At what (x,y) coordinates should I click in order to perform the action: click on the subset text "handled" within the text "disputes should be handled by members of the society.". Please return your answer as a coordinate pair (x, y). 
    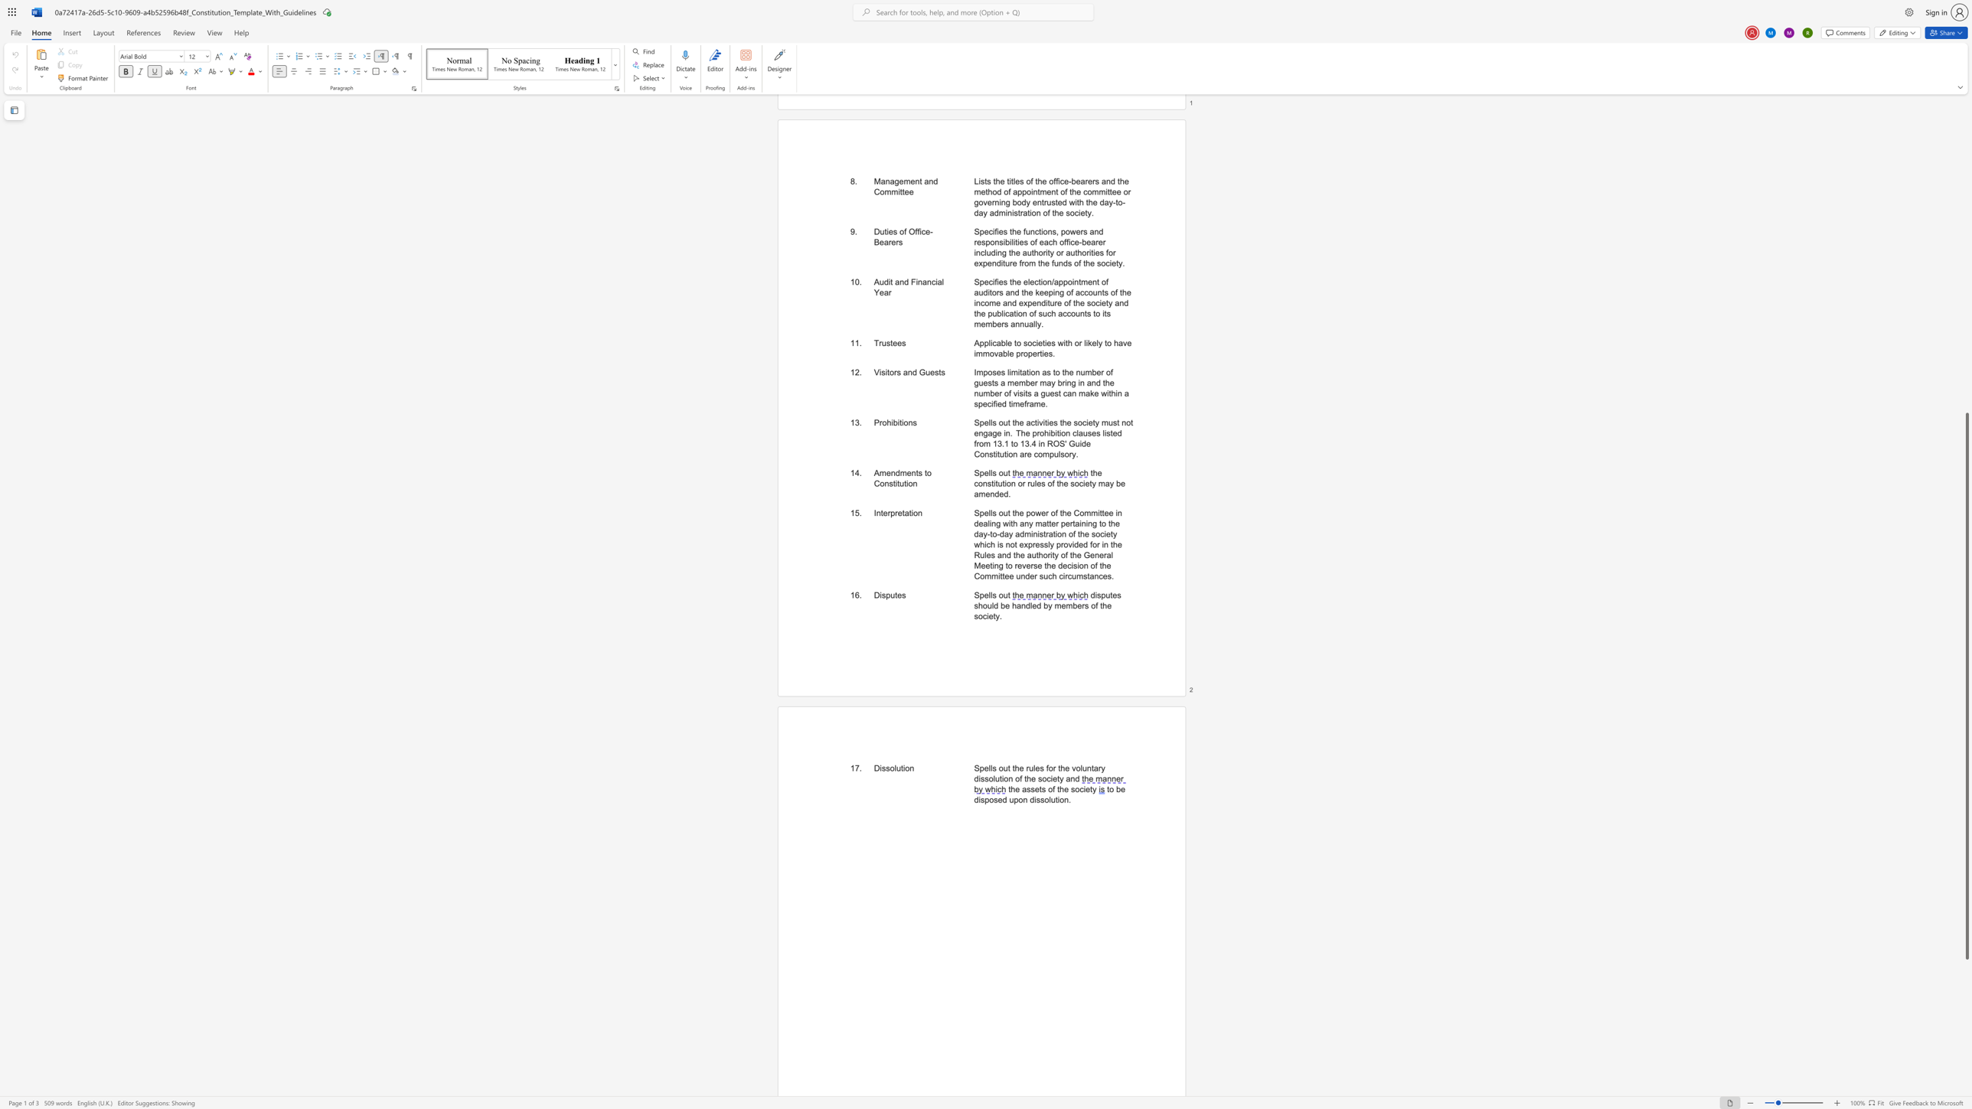
    Looking at the image, I should click on (1012, 605).